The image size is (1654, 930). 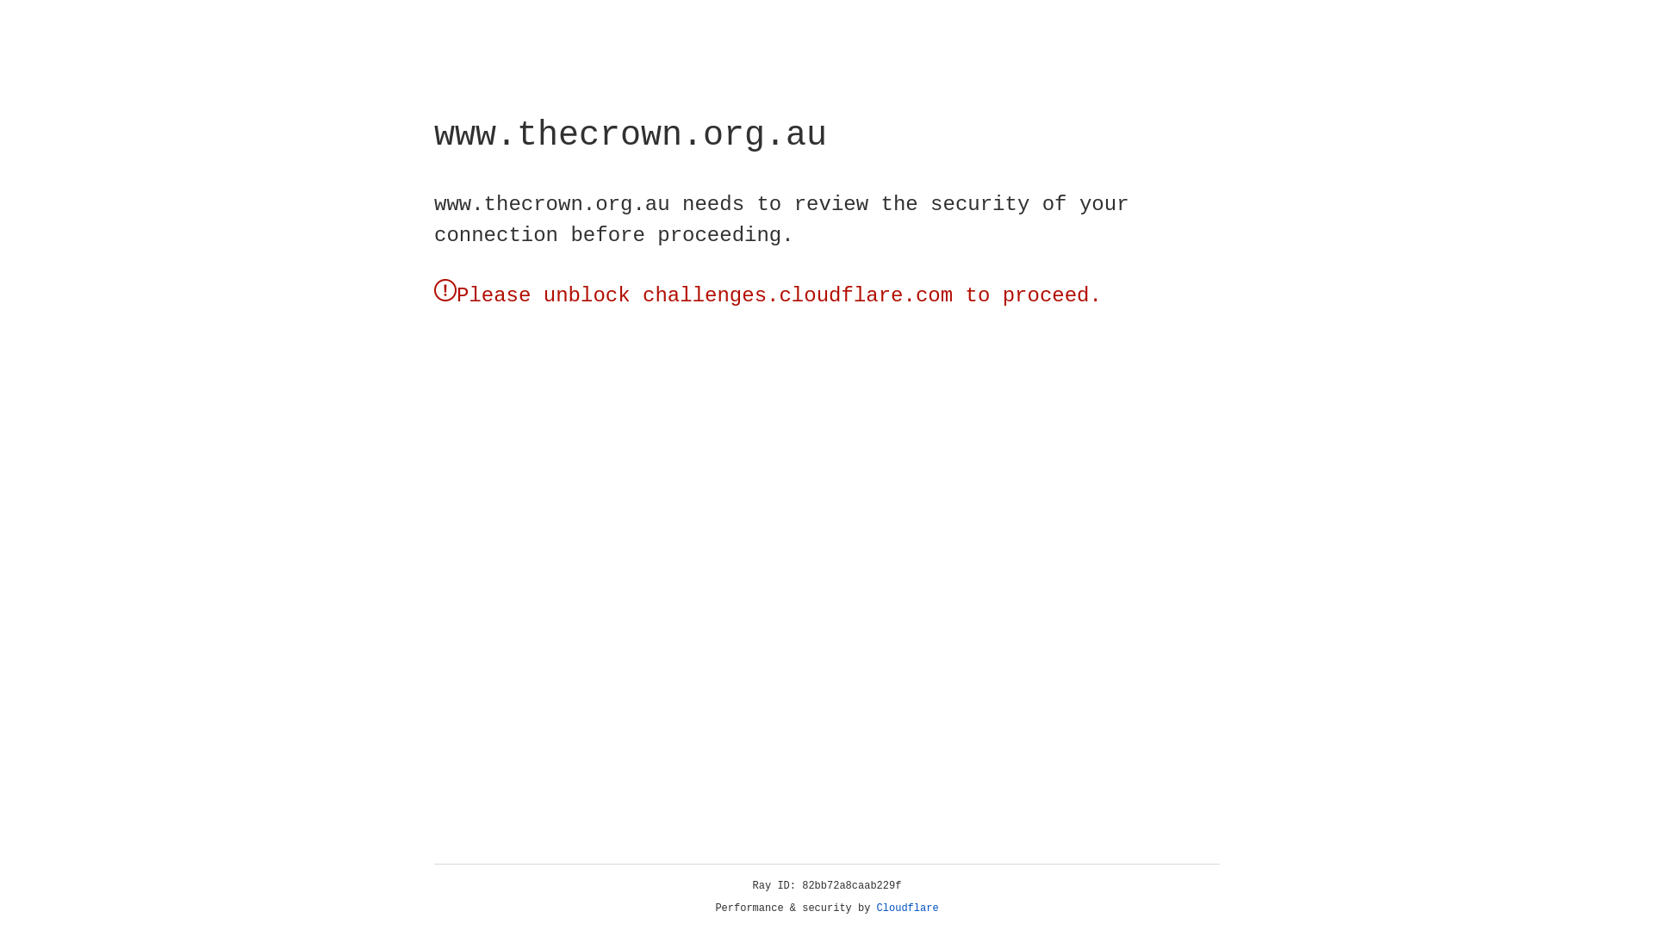 What do you see at coordinates (907, 908) in the screenshot?
I see `'Cloudflare'` at bounding box center [907, 908].